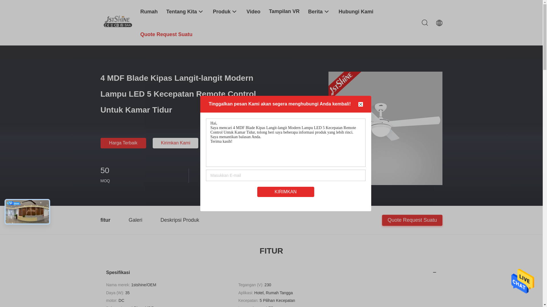  What do you see at coordinates (253, 11) in the screenshot?
I see `'Video'` at bounding box center [253, 11].